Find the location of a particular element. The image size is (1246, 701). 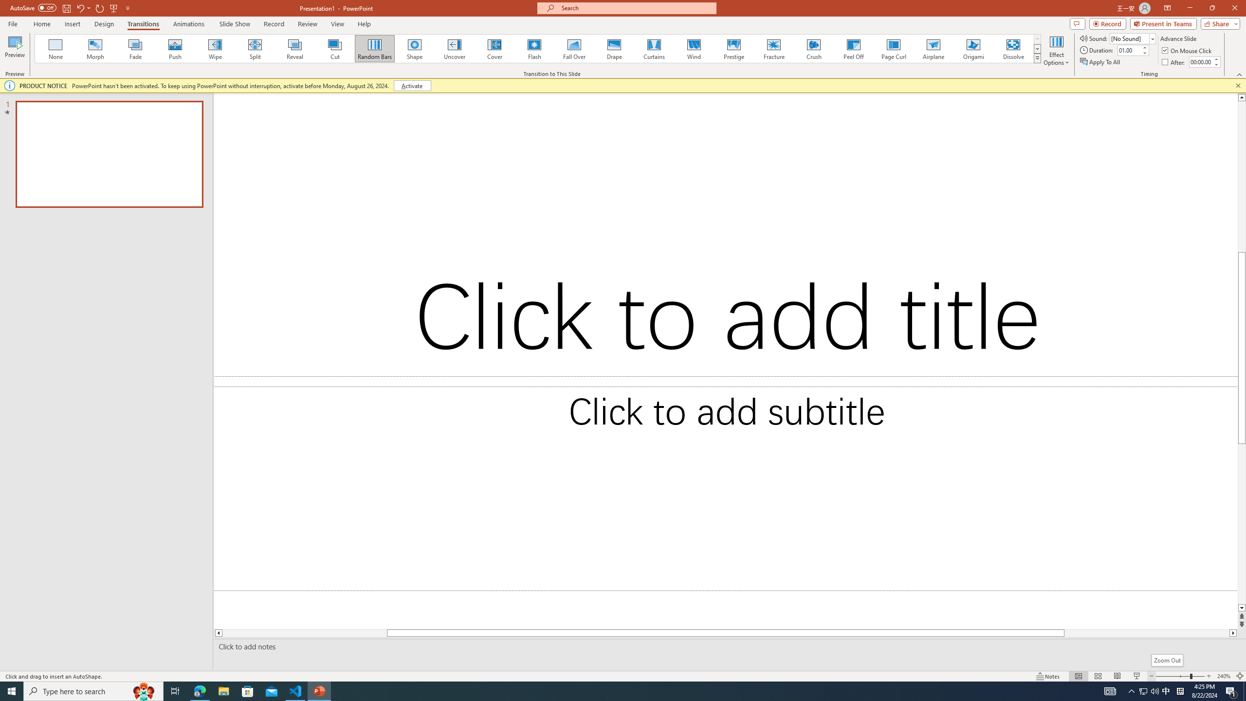

'Cover' is located at coordinates (494, 48).